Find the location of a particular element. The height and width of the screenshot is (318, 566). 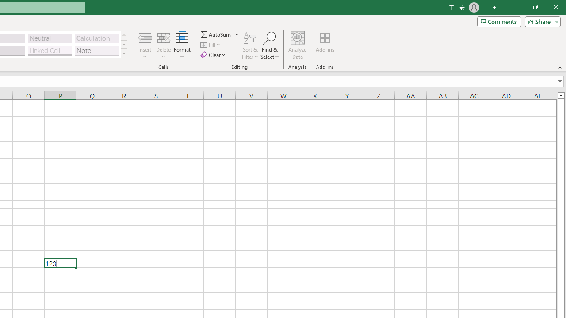

'Delete' is located at coordinates (163, 45).